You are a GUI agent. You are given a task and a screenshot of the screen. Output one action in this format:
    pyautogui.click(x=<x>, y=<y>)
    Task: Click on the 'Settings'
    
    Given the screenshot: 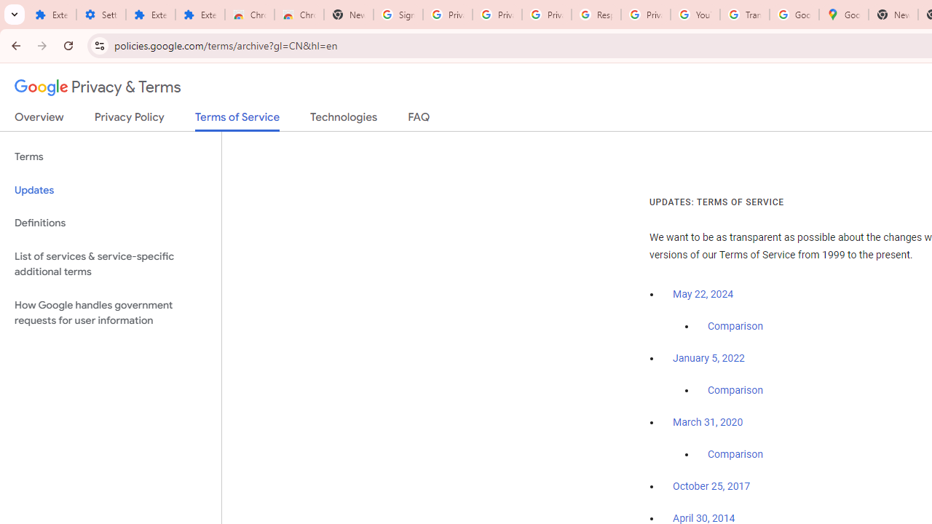 What is the action you would take?
    pyautogui.click(x=100, y=15)
    